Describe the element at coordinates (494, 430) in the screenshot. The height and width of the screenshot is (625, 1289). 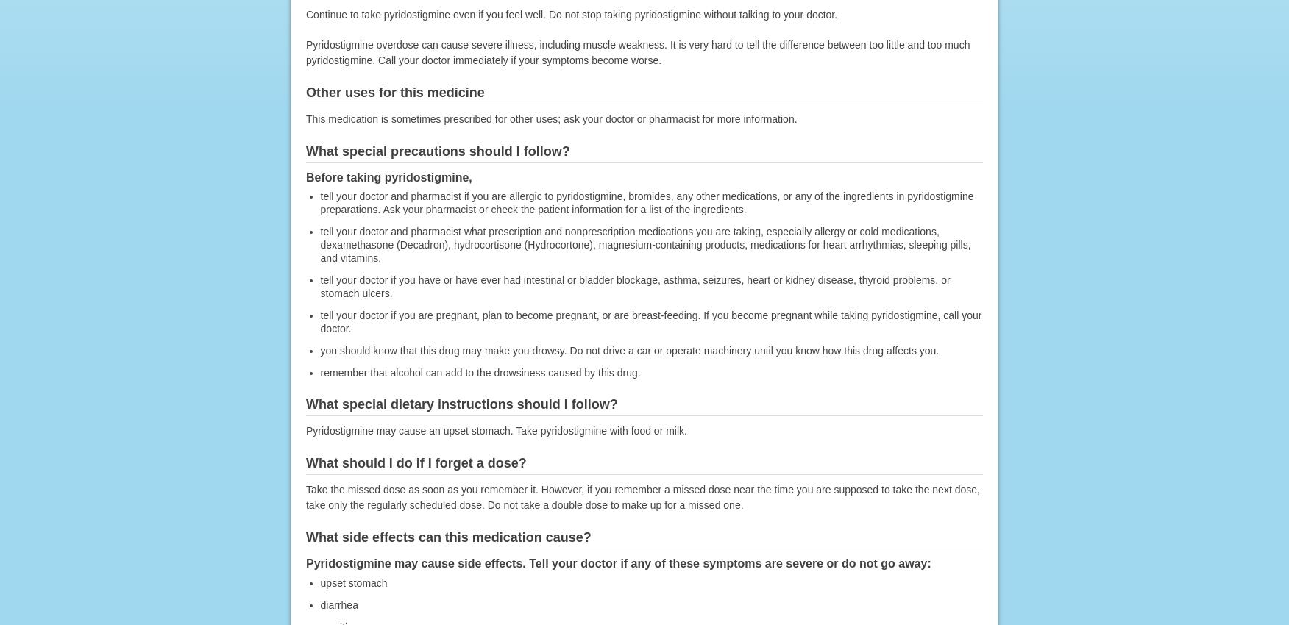
I see `'Pyridostigmine may cause an upset stomach. Take pyridostigmine with food or milk.'` at that location.